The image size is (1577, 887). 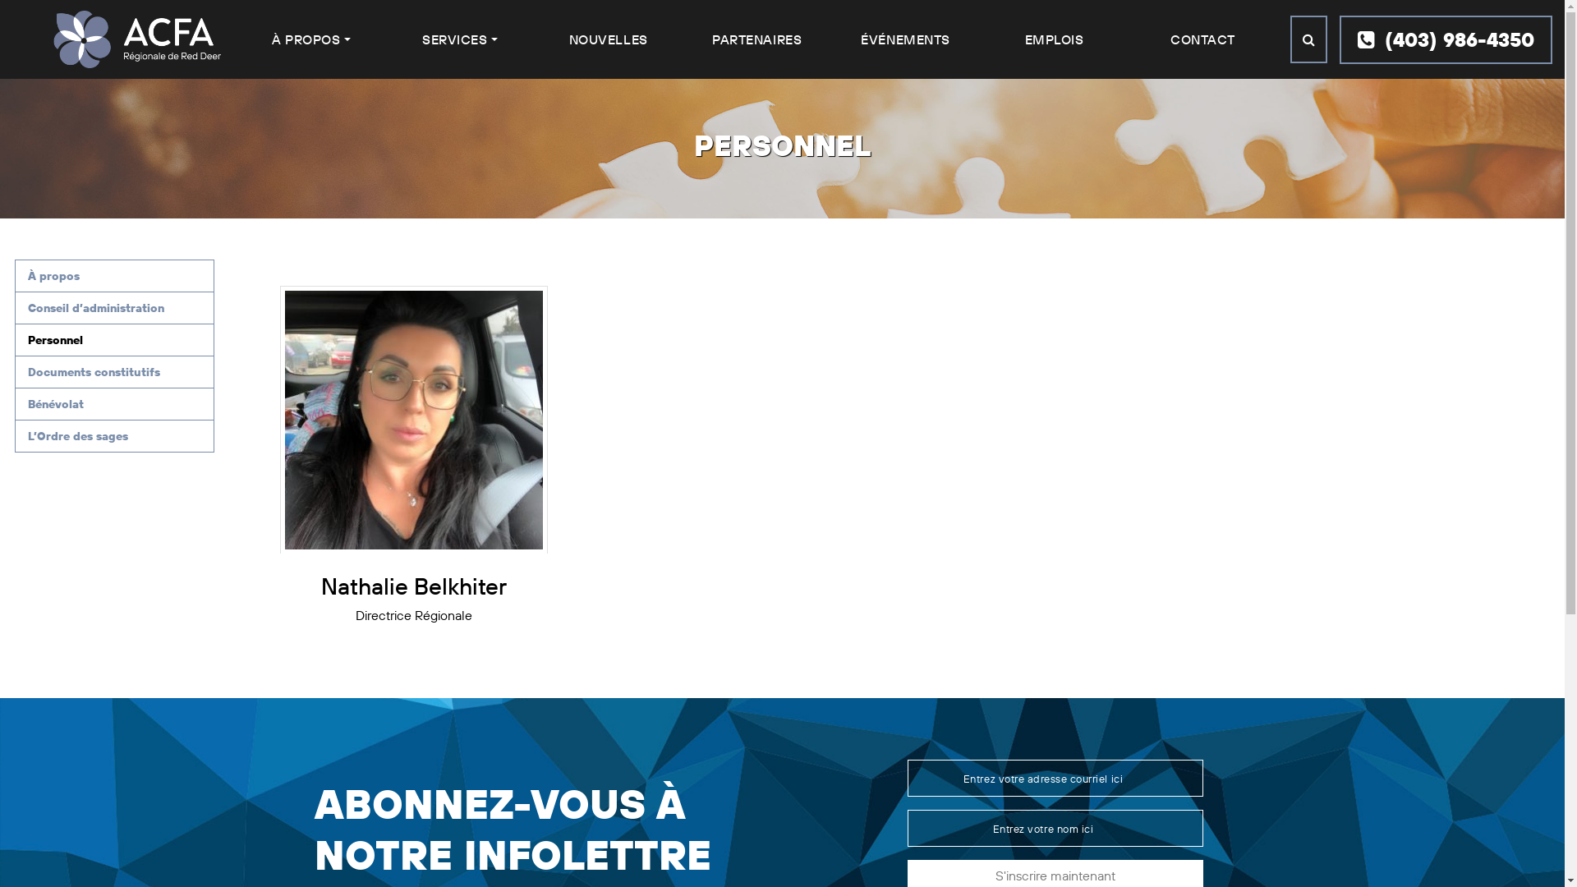 I want to click on 'NOUVELLES', so click(x=607, y=38).